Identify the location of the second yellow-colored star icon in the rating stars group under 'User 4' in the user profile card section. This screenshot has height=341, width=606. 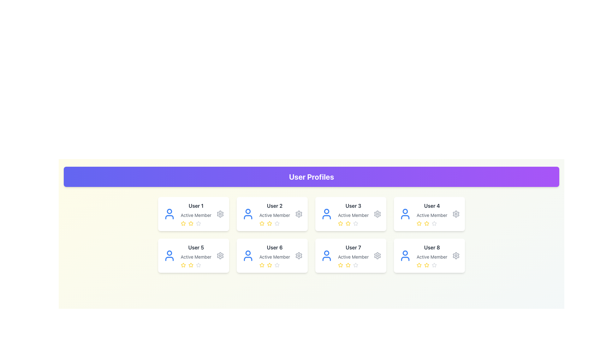
(427, 223).